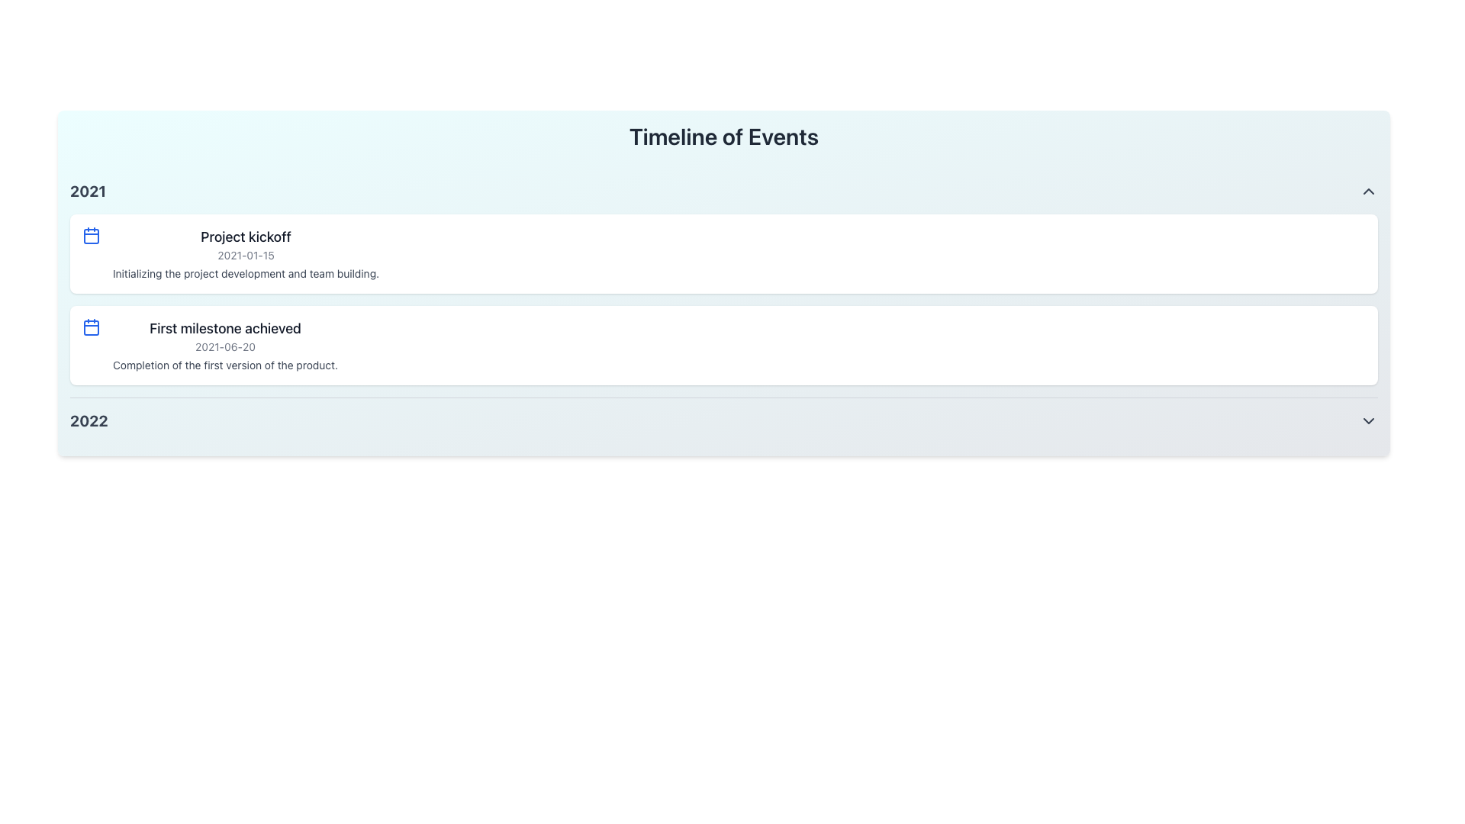 Image resolution: width=1465 pixels, height=824 pixels. Describe the element at coordinates (91, 235) in the screenshot. I see `the blue calendar icon located to the left of the 'Project kickoff' text` at that location.